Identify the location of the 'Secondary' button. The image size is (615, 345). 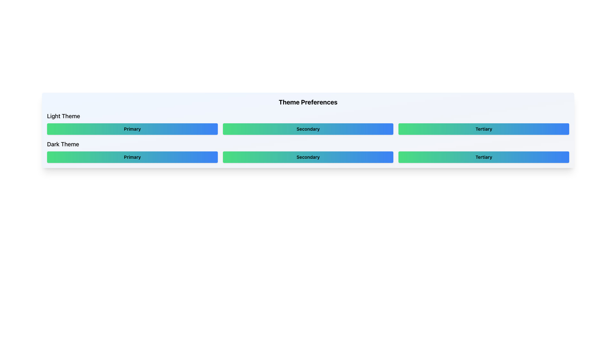
(308, 151).